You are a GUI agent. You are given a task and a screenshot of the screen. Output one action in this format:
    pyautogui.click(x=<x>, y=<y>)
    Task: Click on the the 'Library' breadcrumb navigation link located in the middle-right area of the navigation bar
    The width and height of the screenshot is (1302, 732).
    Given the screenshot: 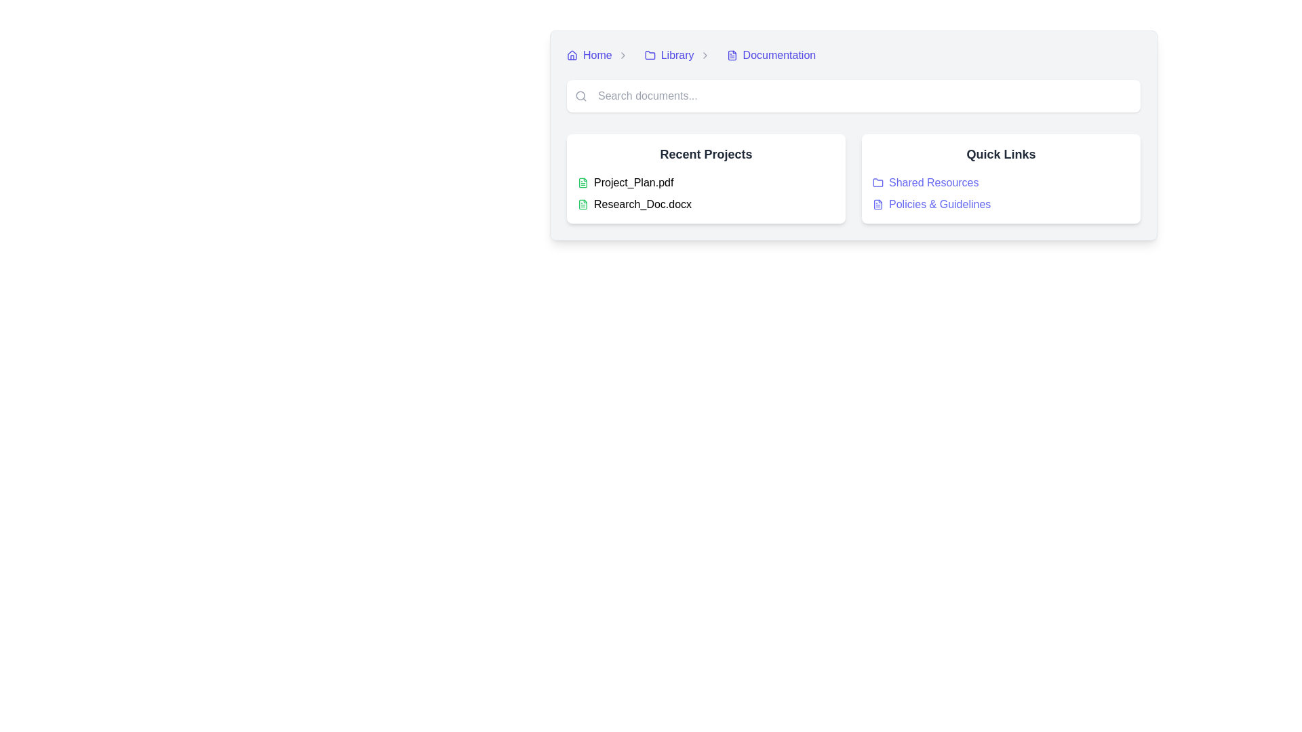 What is the action you would take?
    pyautogui.click(x=669, y=54)
    